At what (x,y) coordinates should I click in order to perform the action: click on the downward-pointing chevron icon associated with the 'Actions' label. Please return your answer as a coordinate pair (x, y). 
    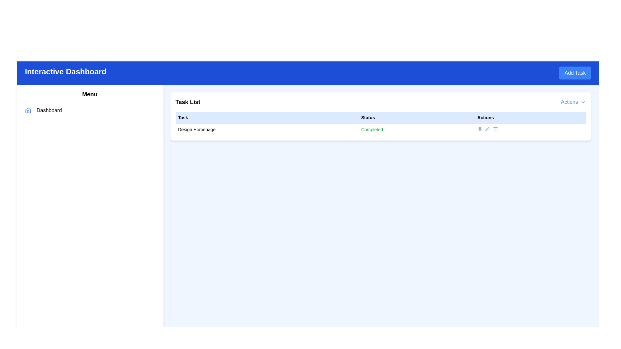
    Looking at the image, I should click on (583, 102).